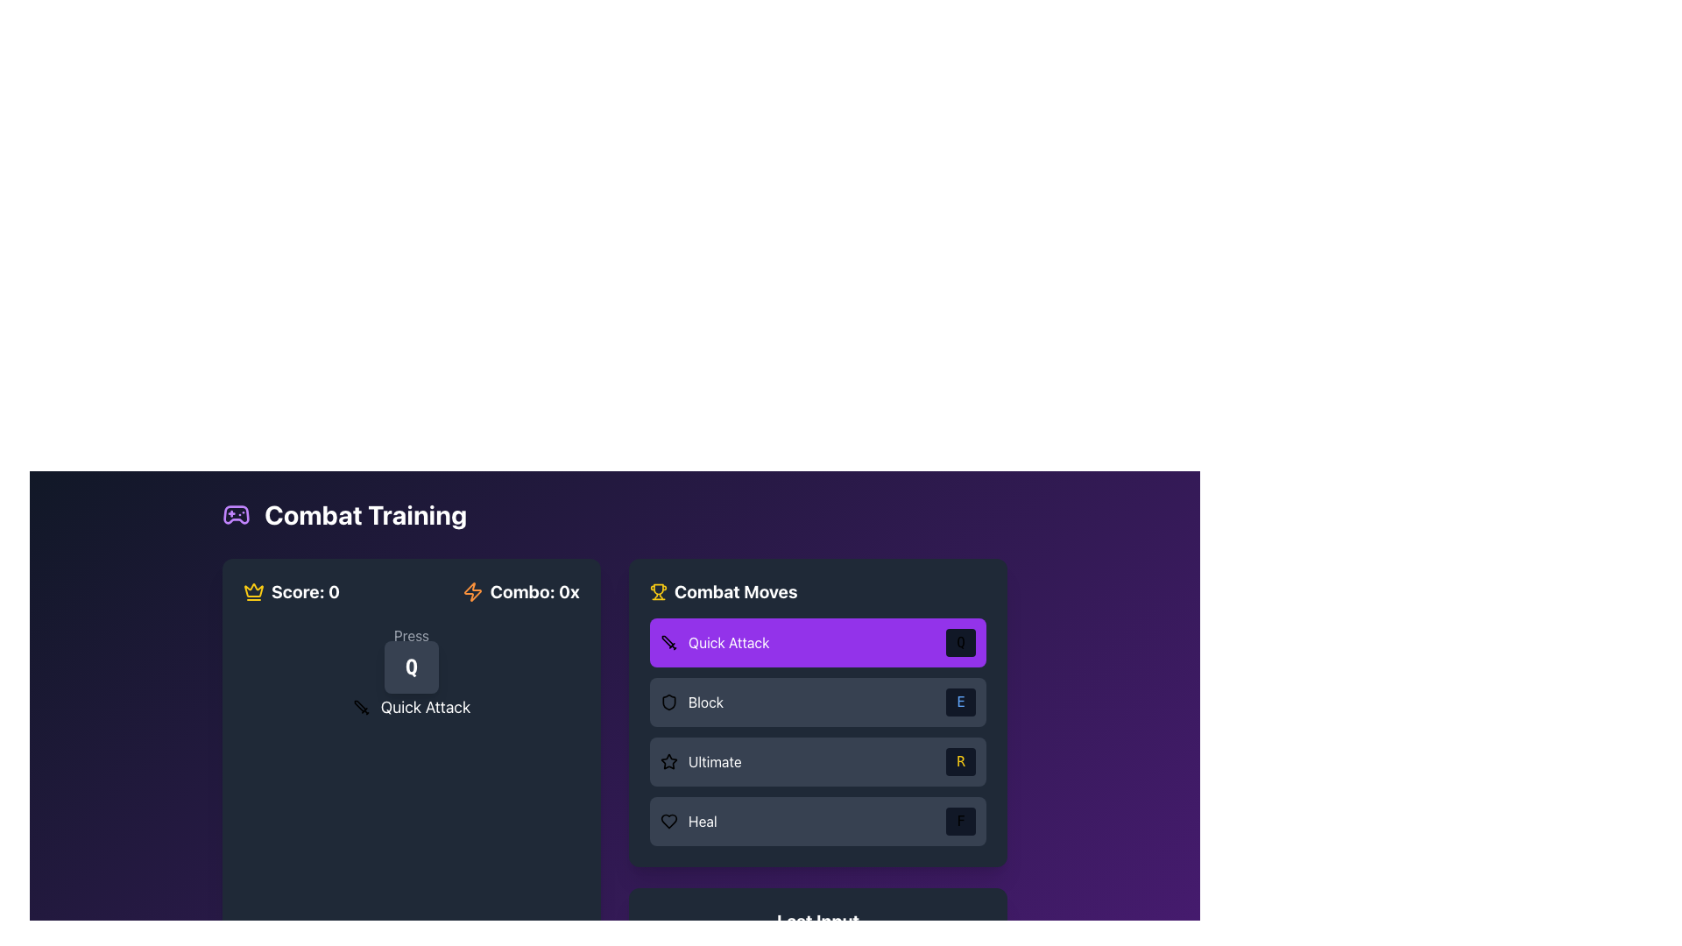 The width and height of the screenshot is (1682, 946). Describe the element at coordinates (701, 761) in the screenshot. I see `the 'Ultimate' button in the 'Combat Moves' section` at that location.